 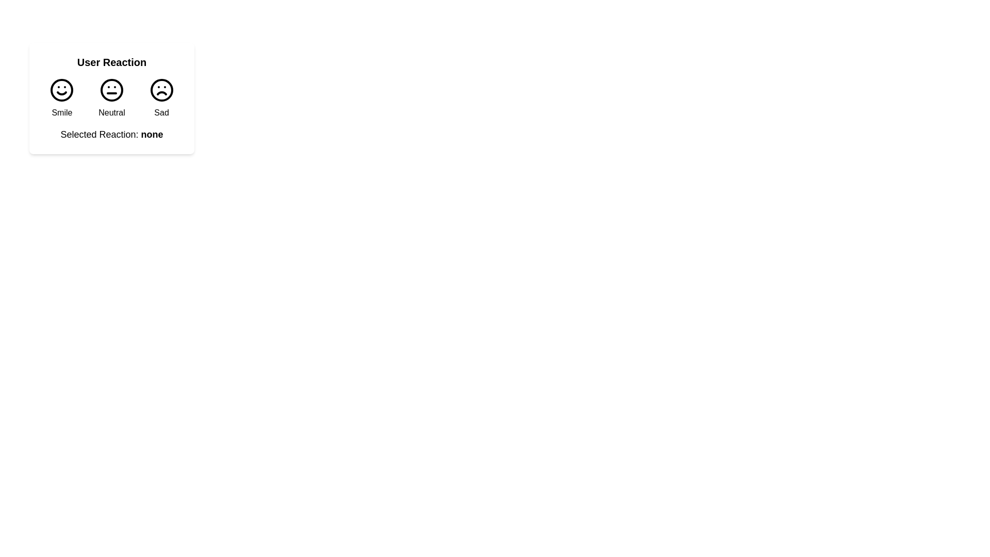 I want to click on the 'Sad' reaction icon, which is the third icon in the horizontal sequence of reaction icons within the 'User Reaction' box, so click(x=161, y=89).